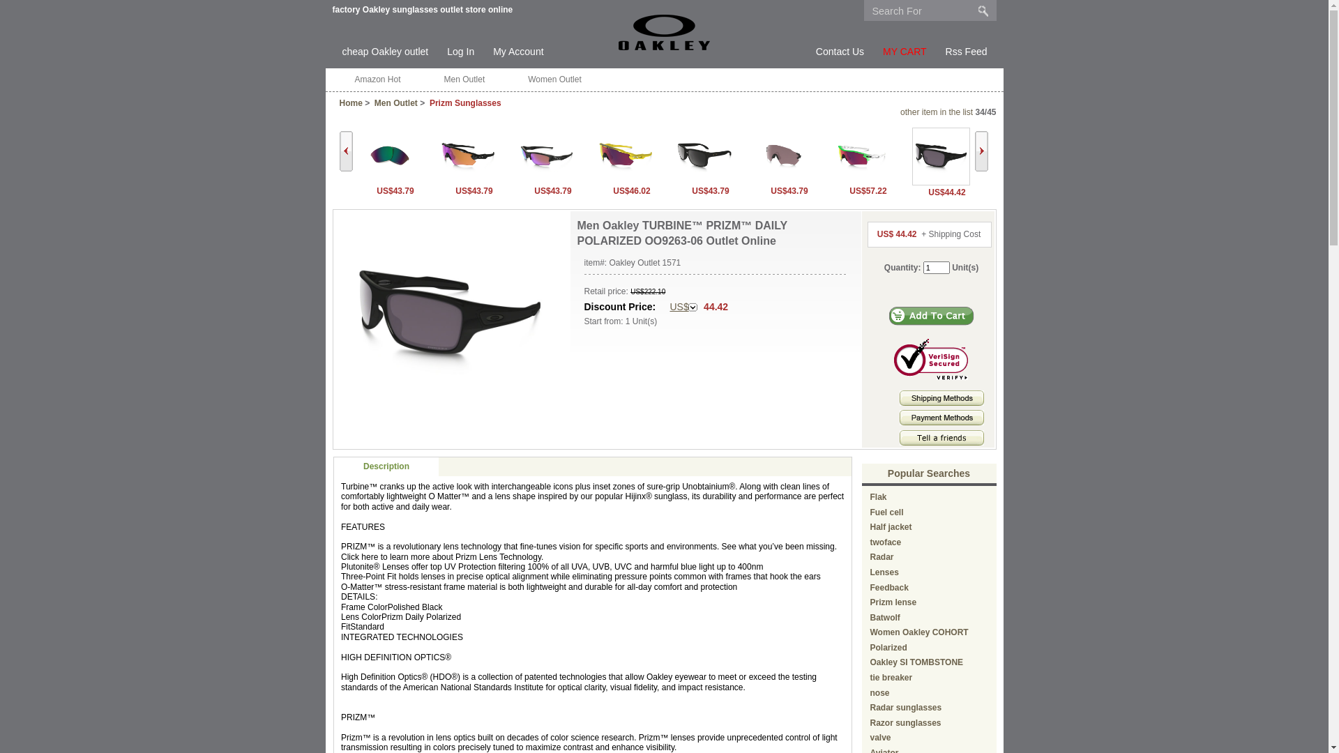 This screenshot has width=1339, height=753. I want to click on 'Fuel cell', so click(886, 512).